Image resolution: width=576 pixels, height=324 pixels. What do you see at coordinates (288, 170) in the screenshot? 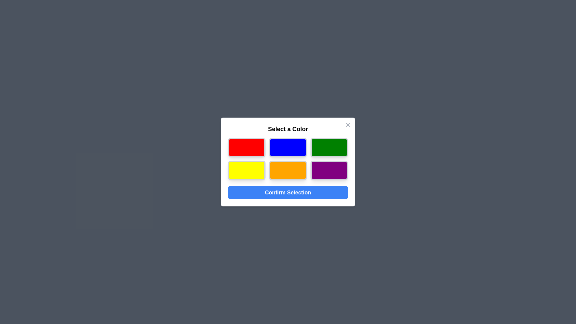
I see `the color orange from the palette` at bounding box center [288, 170].